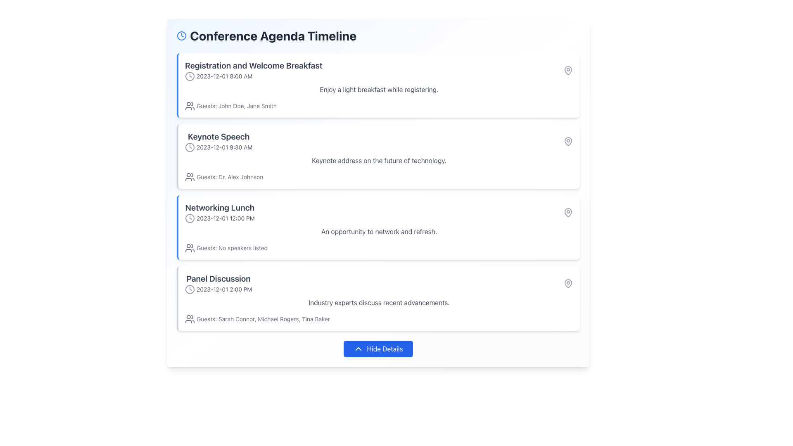  Describe the element at coordinates (253, 65) in the screenshot. I see `the bold, extra-large dark gray text 'Registration and Welcome Breakfast' located in the first content block under 'Conference Agenda Timeline'` at that location.